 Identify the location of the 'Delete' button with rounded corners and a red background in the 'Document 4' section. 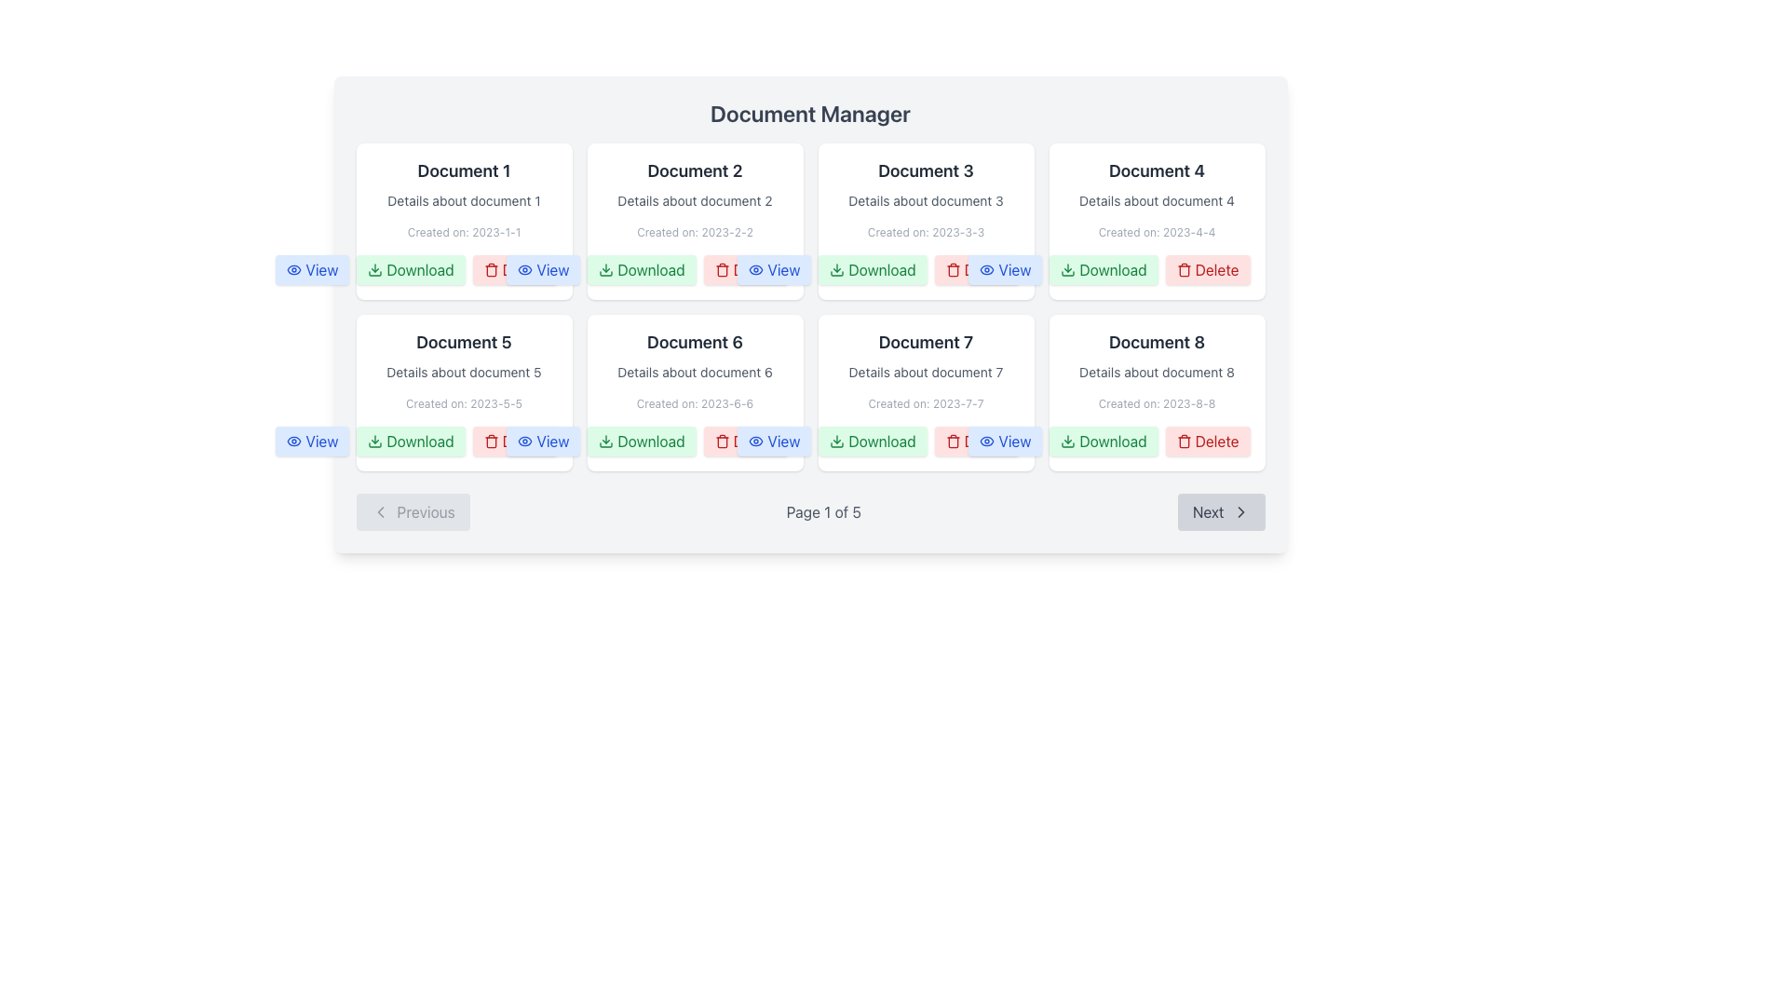
(1207, 269).